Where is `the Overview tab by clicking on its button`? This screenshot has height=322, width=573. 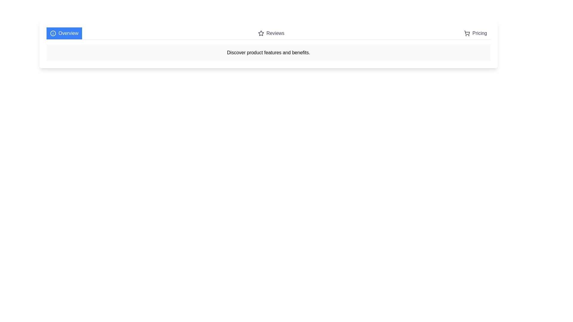
the Overview tab by clicking on its button is located at coordinates (64, 33).